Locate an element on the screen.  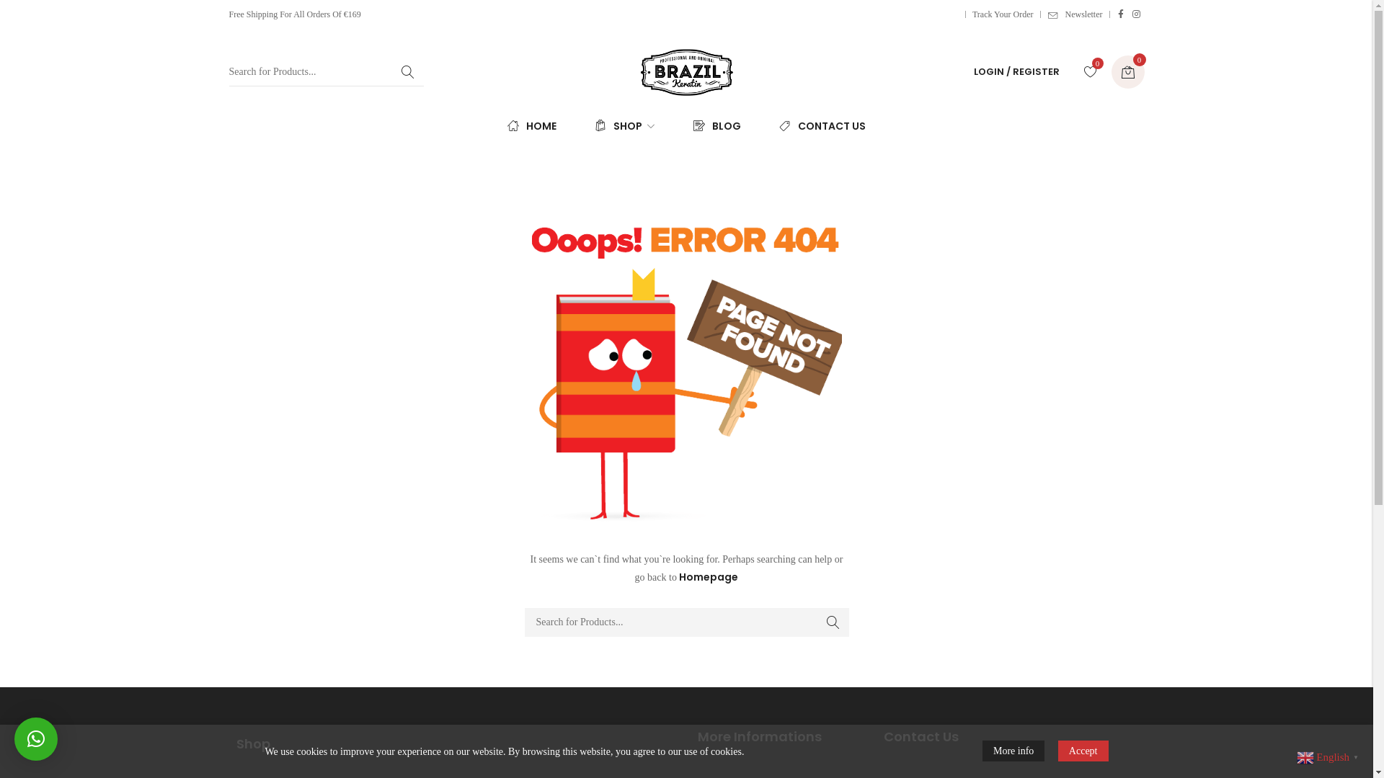
'Professional and Original' is located at coordinates (685, 72).